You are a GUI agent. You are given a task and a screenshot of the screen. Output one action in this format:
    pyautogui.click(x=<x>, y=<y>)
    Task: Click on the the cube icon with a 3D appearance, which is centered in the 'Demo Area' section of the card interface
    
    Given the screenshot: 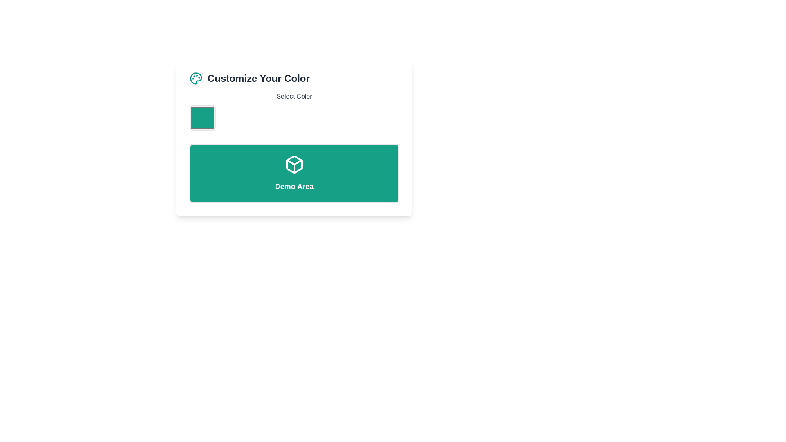 What is the action you would take?
    pyautogui.click(x=294, y=164)
    